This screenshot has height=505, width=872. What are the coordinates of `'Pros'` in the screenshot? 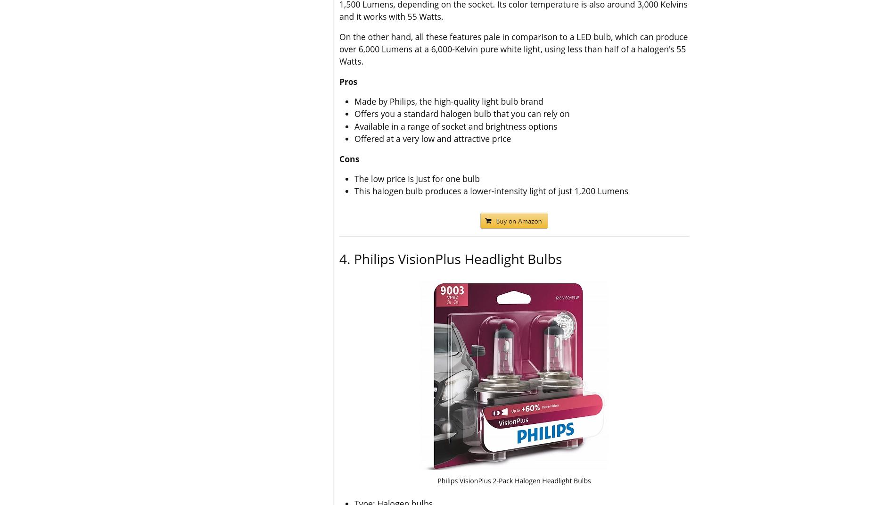 It's located at (348, 81).